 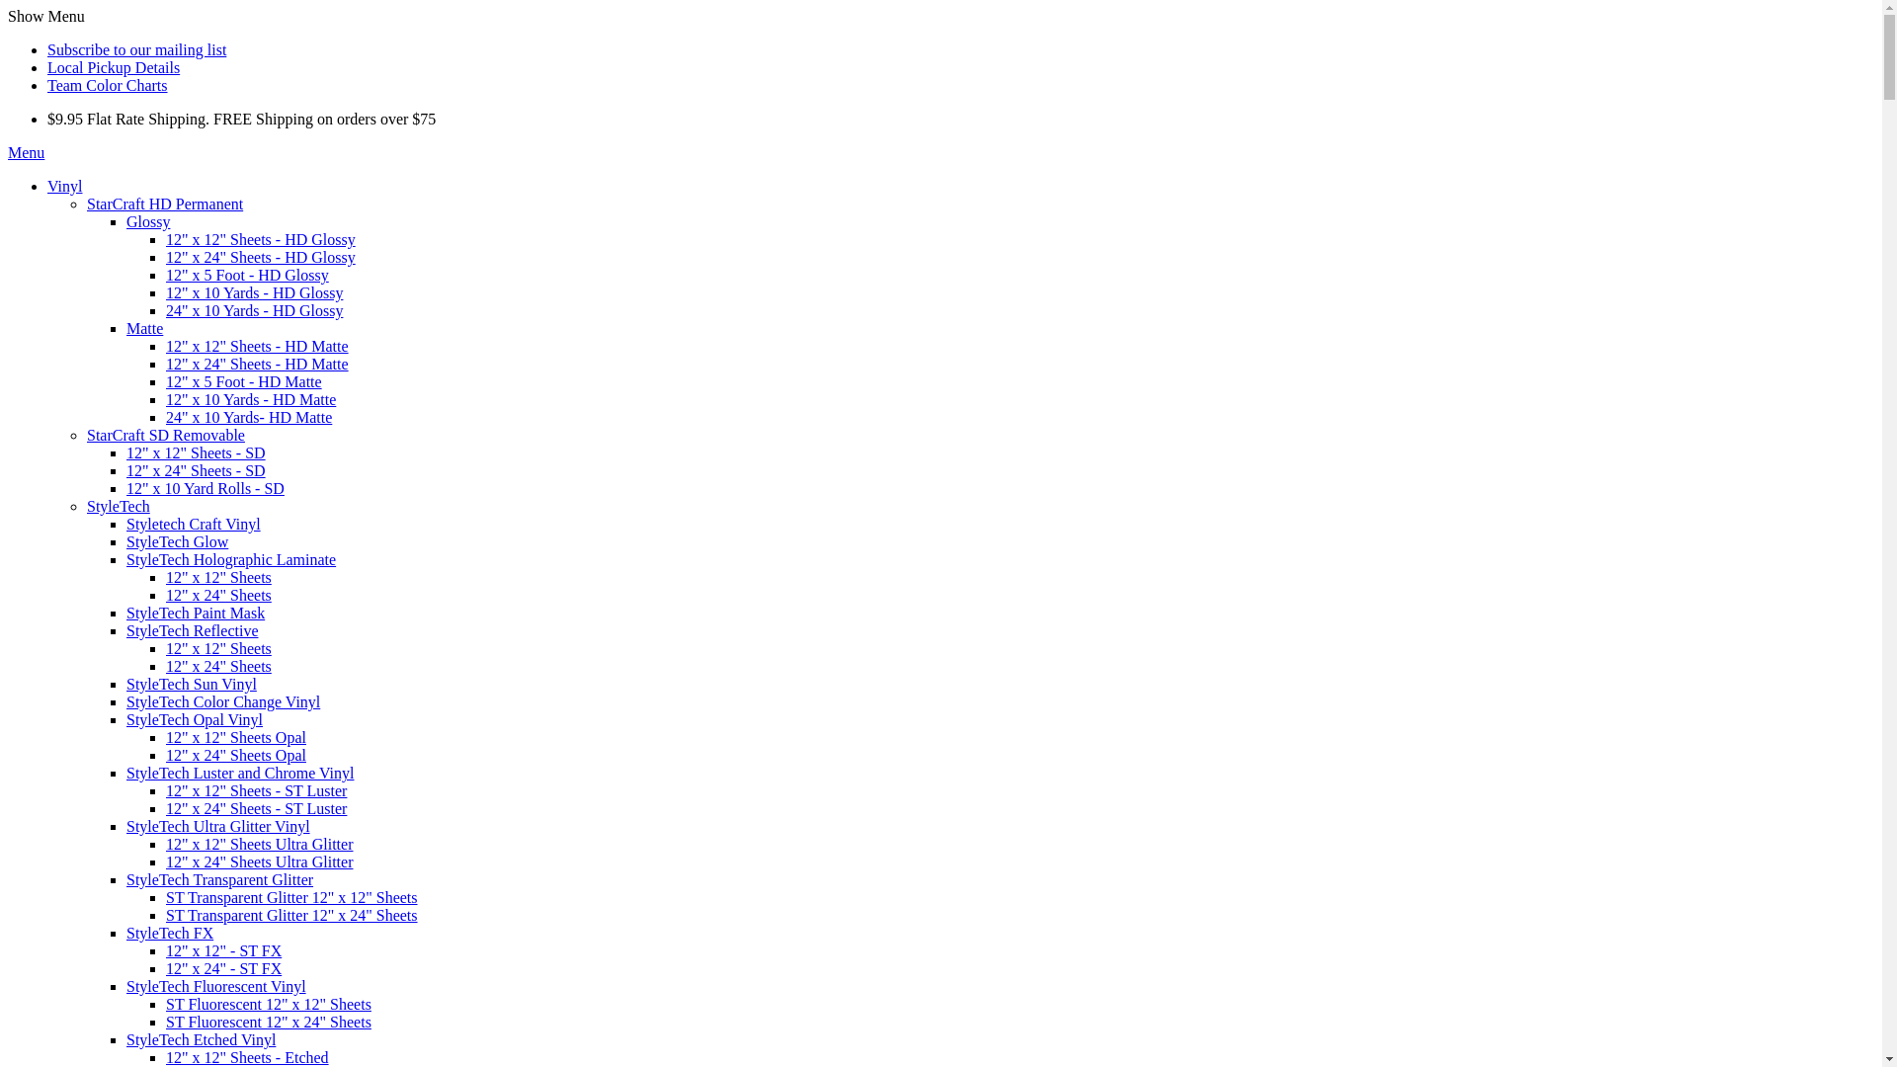 I want to click on 'StarCraft HD Permanent', so click(x=85, y=204).